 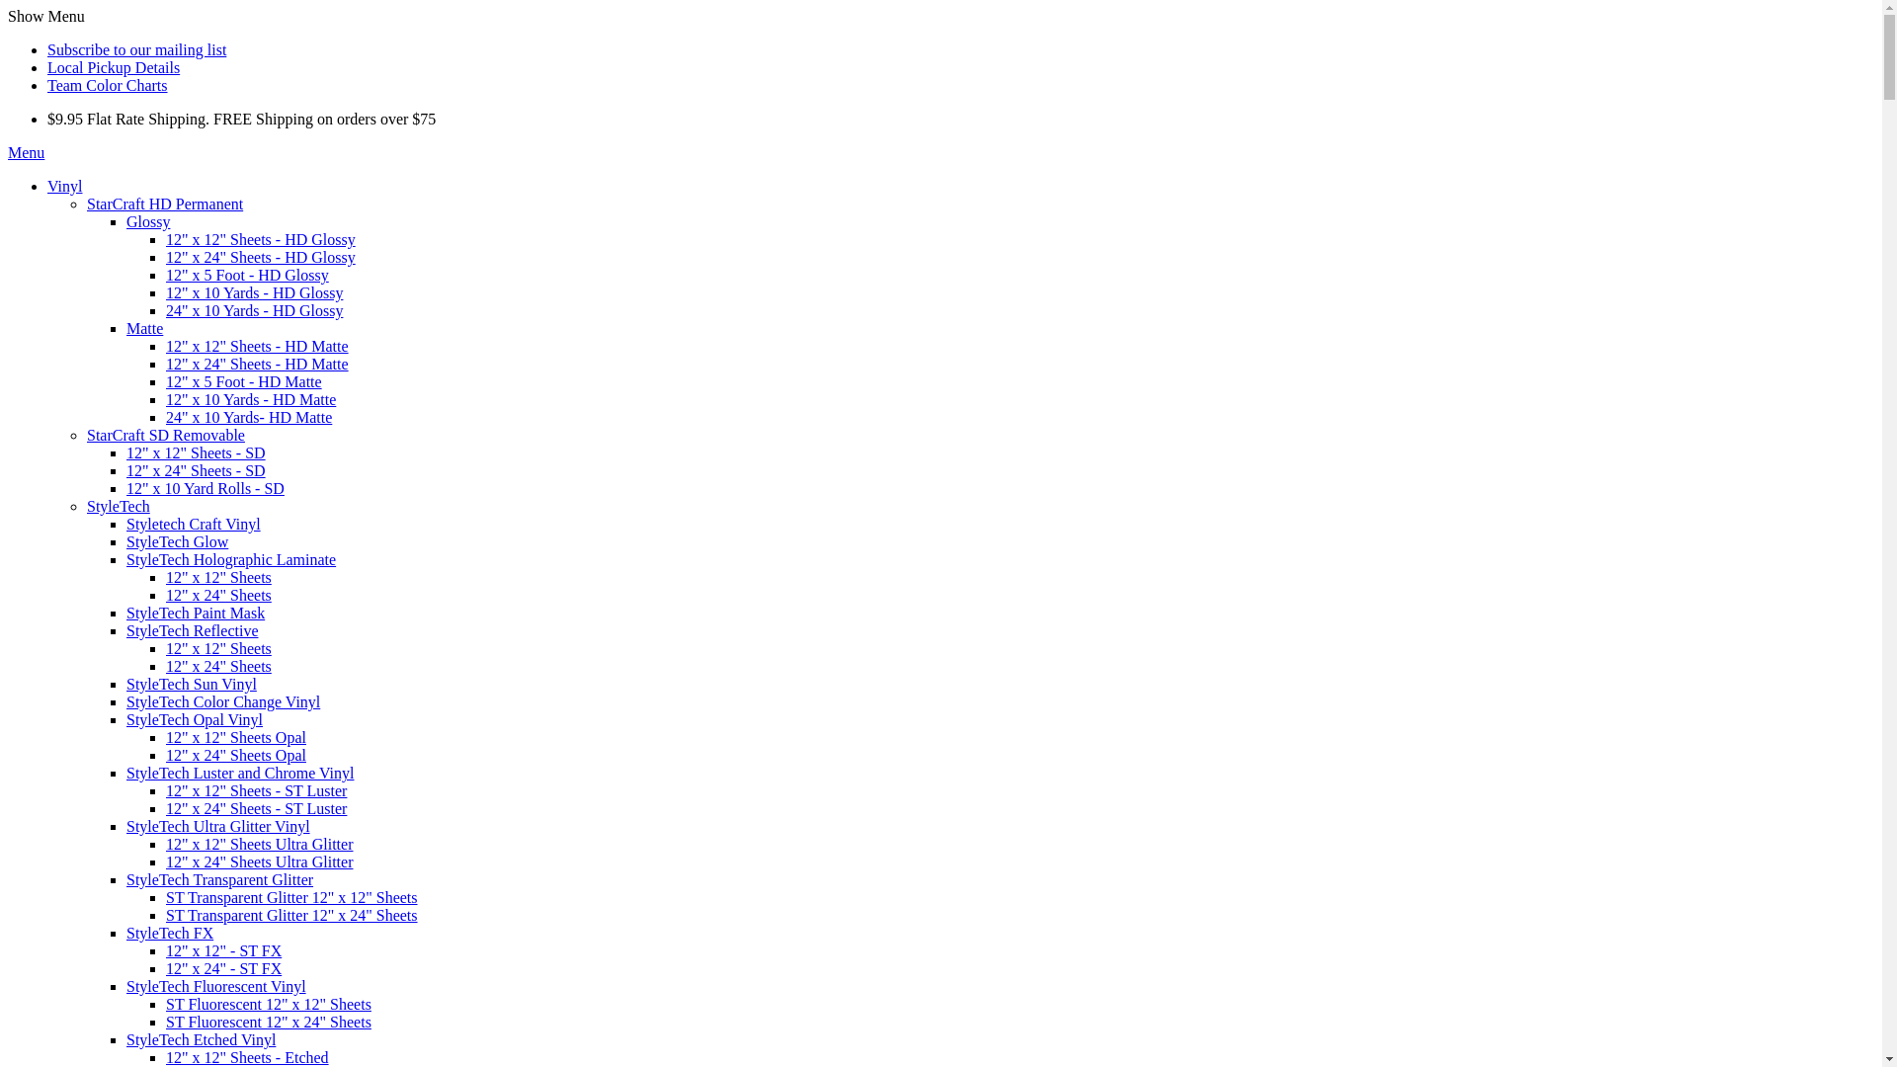 I want to click on 'StarCraft HD Permanent', so click(x=85, y=204).